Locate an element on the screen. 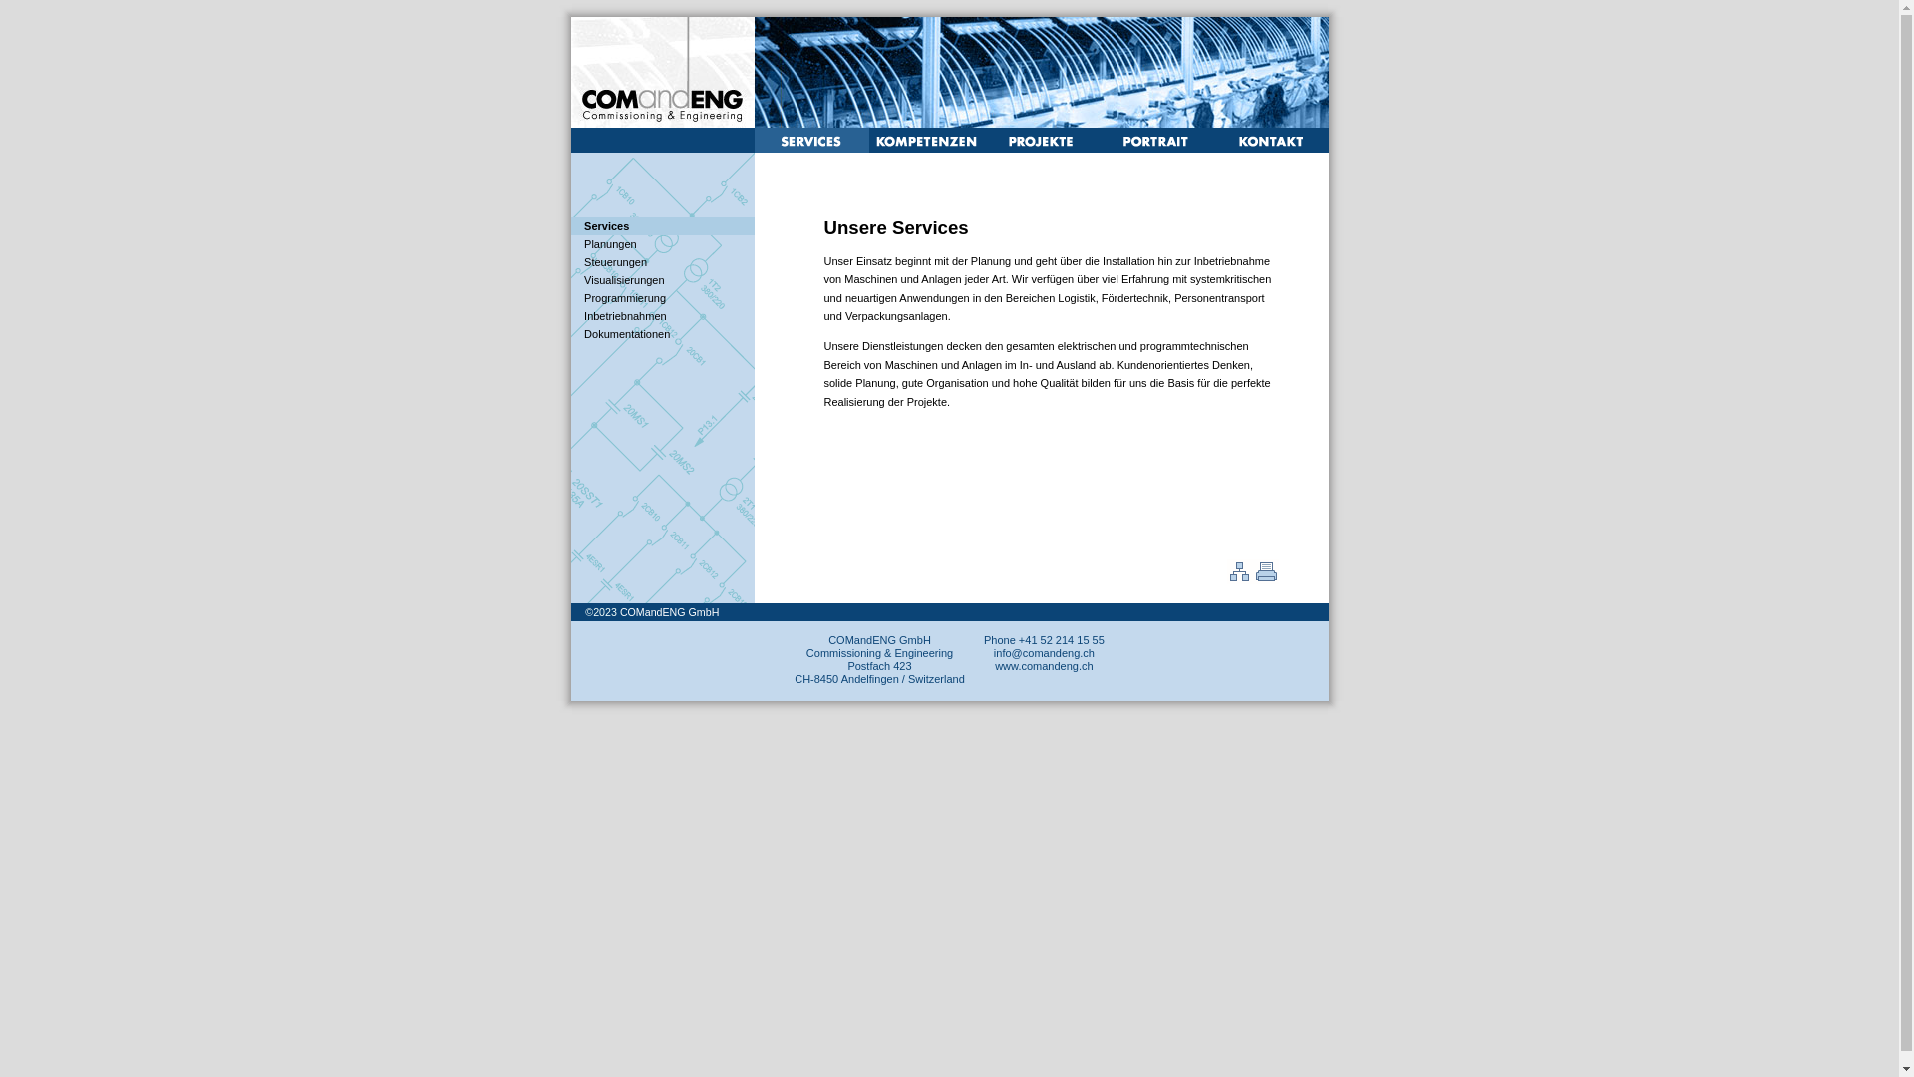 Image resolution: width=1914 pixels, height=1077 pixels. 'Services' is located at coordinates (605, 225).